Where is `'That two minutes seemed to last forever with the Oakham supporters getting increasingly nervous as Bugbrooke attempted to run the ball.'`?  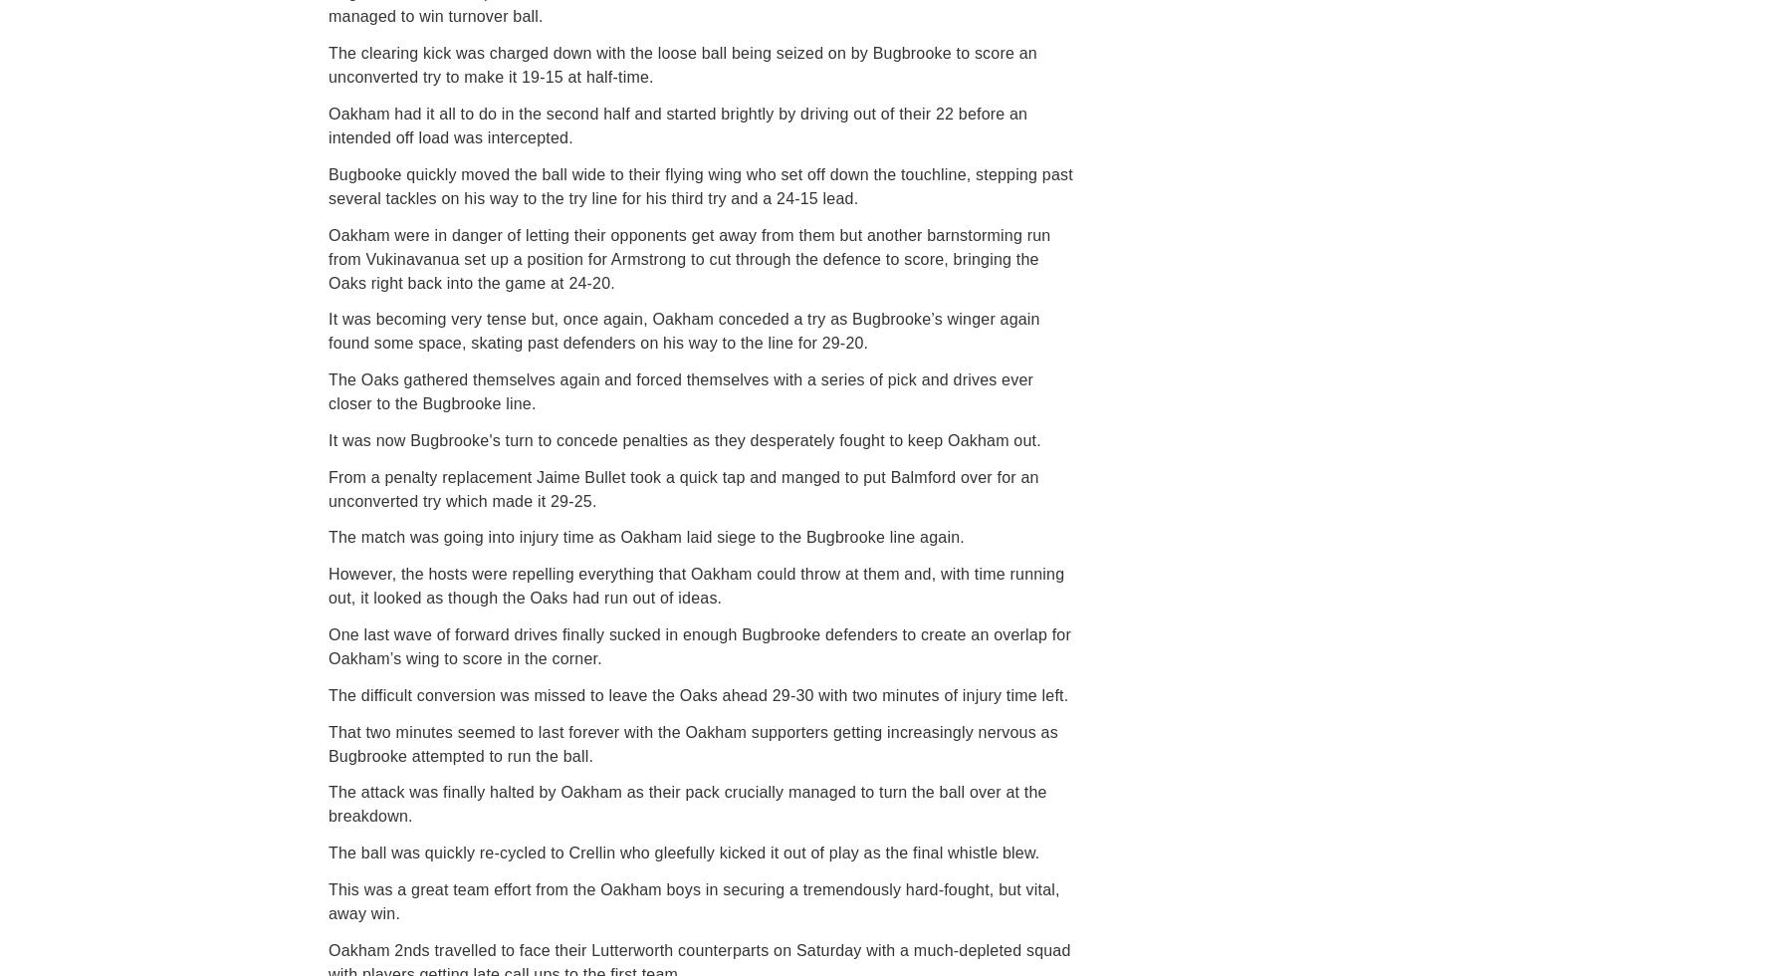 'That two minutes seemed to last forever with the Oakham supporters getting increasingly nervous as Bugbrooke attempted to run the ball.' is located at coordinates (692, 743).